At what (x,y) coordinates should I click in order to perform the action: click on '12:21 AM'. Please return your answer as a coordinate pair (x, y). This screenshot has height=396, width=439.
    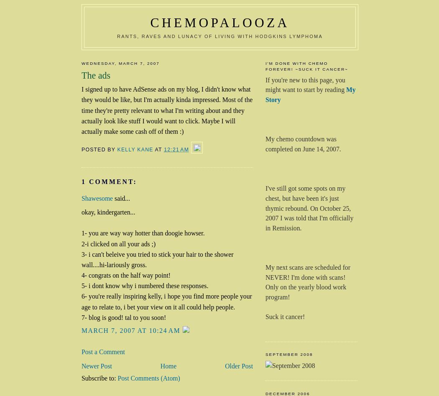
    Looking at the image, I should click on (176, 149).